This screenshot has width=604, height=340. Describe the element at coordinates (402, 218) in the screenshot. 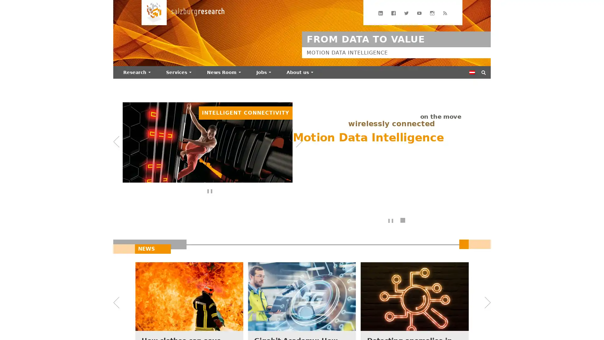

I see `Texte ohne Animation anzeigen` at that location.